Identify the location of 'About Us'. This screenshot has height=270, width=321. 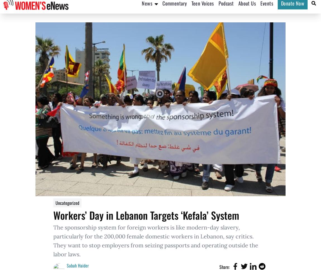
(247, 9).